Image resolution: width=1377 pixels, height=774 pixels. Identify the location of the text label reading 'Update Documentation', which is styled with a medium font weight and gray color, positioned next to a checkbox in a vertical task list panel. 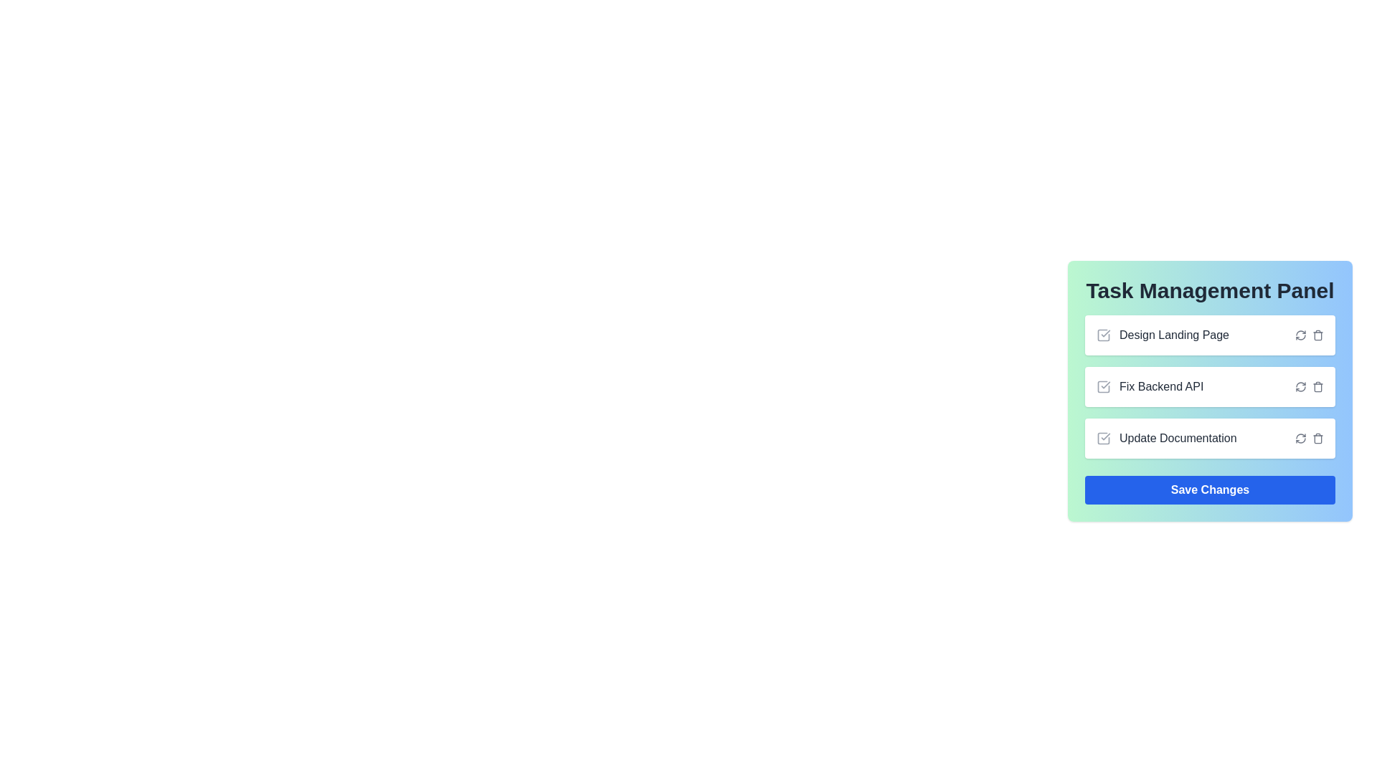
(1166, 438).